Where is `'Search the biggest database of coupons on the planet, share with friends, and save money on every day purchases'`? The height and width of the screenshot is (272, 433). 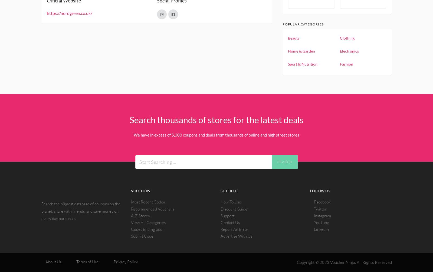
'Search the biggest database of coupons on the planet, share with friends, and save money on every day purchases' is located at coordinates (41, 211).